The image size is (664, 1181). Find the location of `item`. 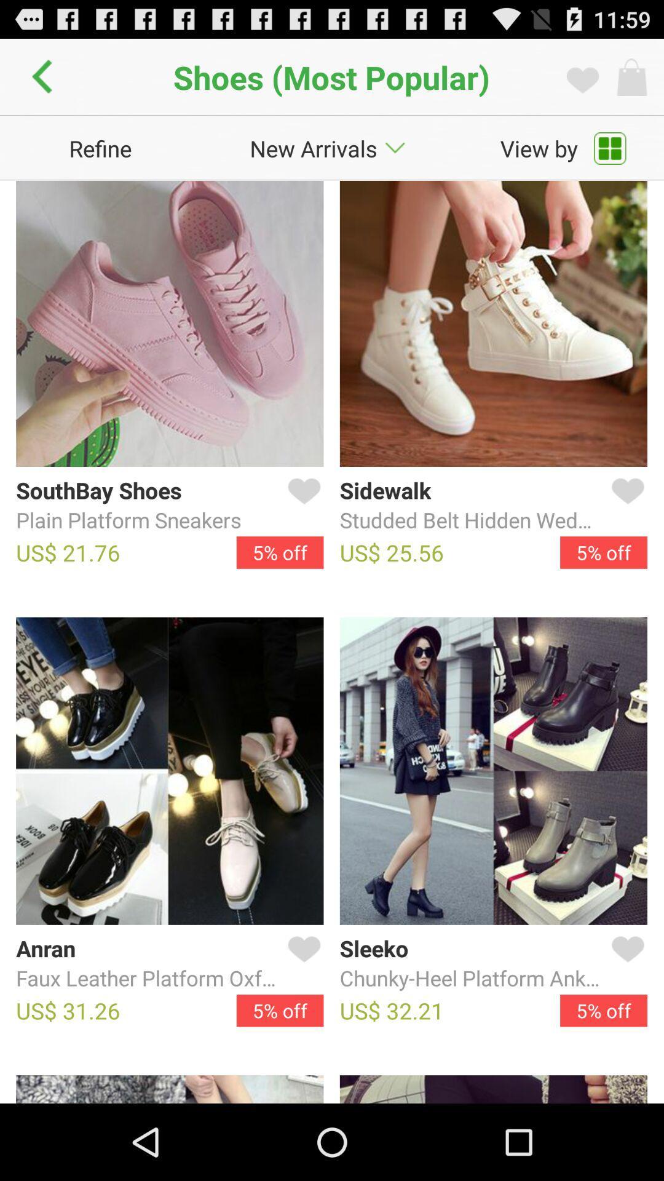

item is located at coordinates (625, 506).